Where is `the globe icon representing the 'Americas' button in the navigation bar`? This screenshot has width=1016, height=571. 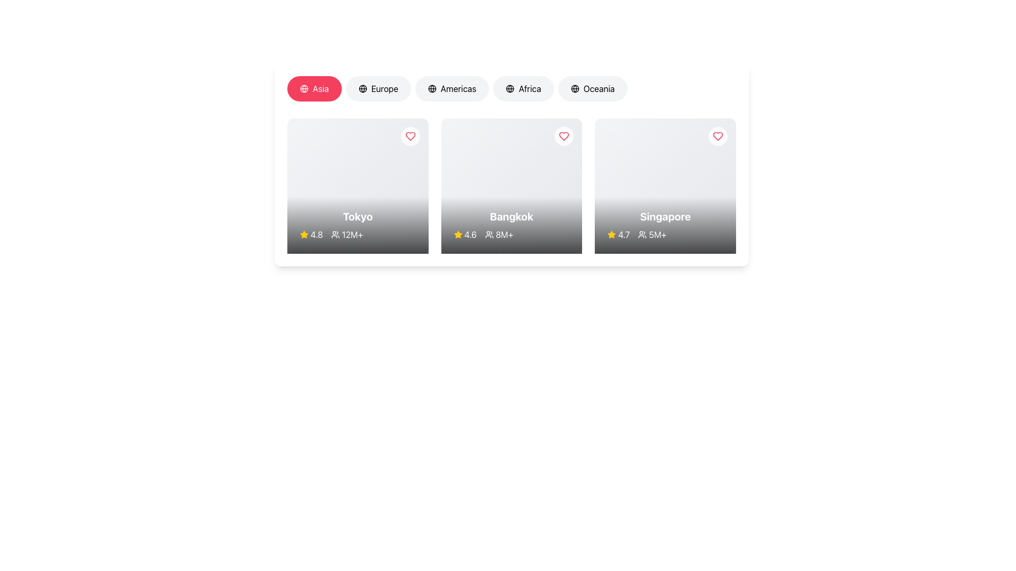
the globe icon representing the 'Americas' button in the navigation bar is located at coordinates (432, 88).